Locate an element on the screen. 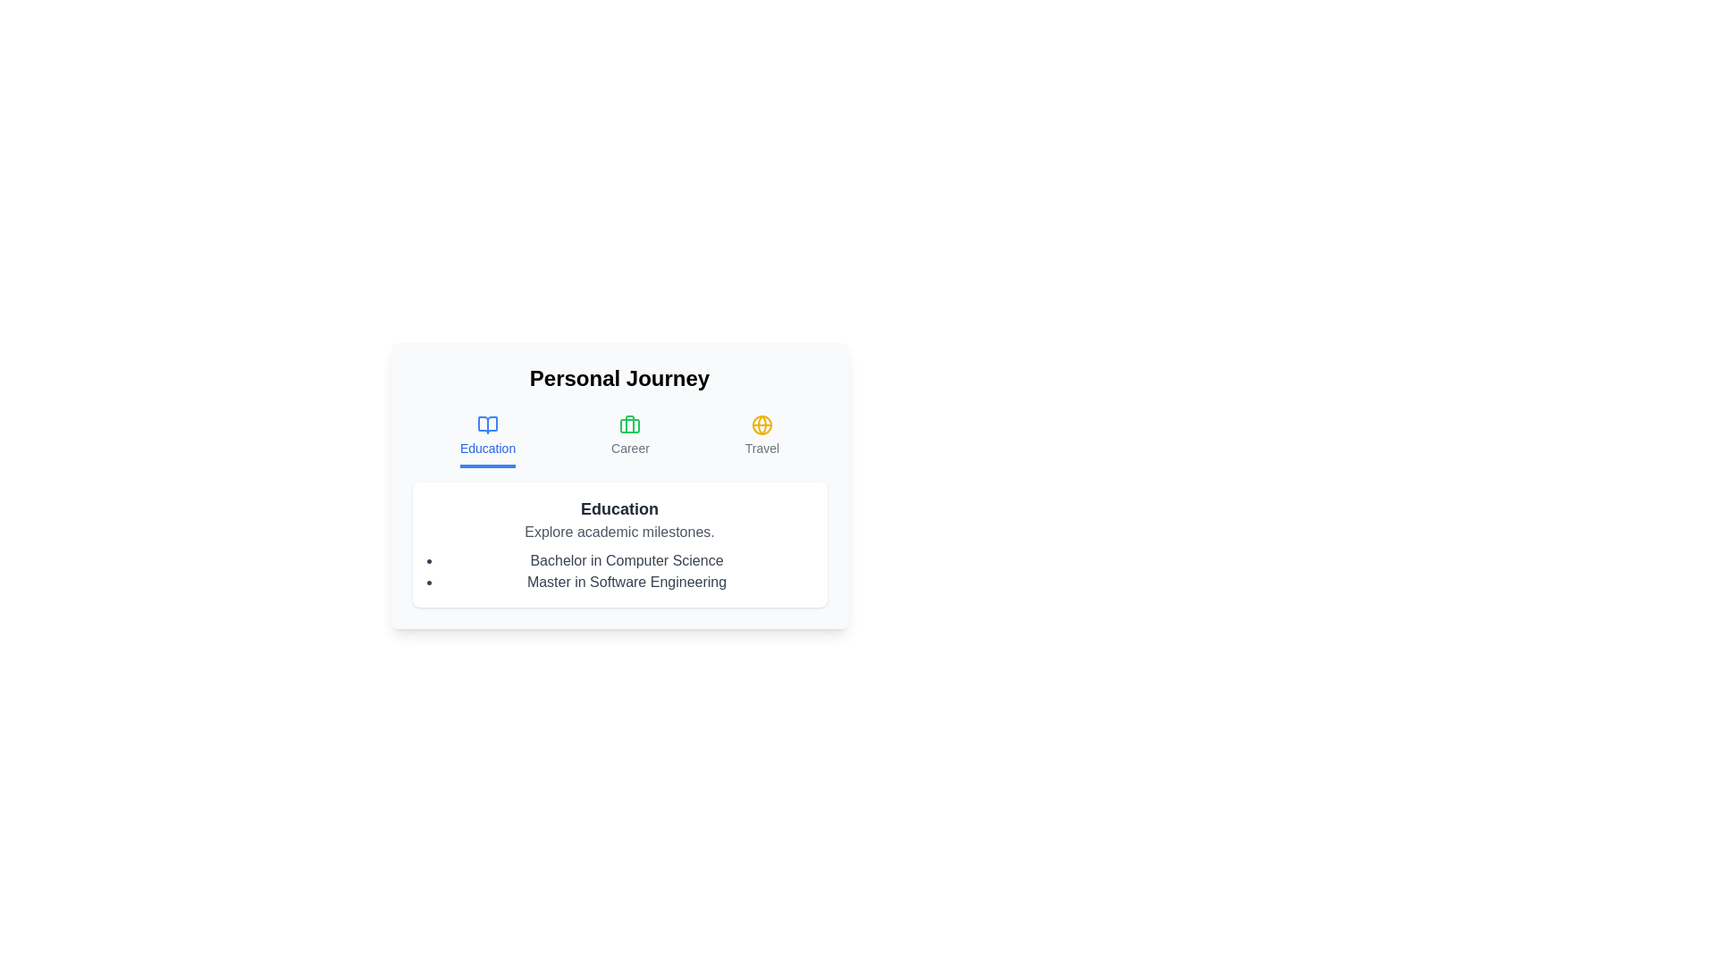 The height and width of the screenshot is (965, 1716). the Text Label that serves as the title for the section introducing academic information, positioned directly above the text 'Explore academic milestones.' is located at coordinates (619, 509).